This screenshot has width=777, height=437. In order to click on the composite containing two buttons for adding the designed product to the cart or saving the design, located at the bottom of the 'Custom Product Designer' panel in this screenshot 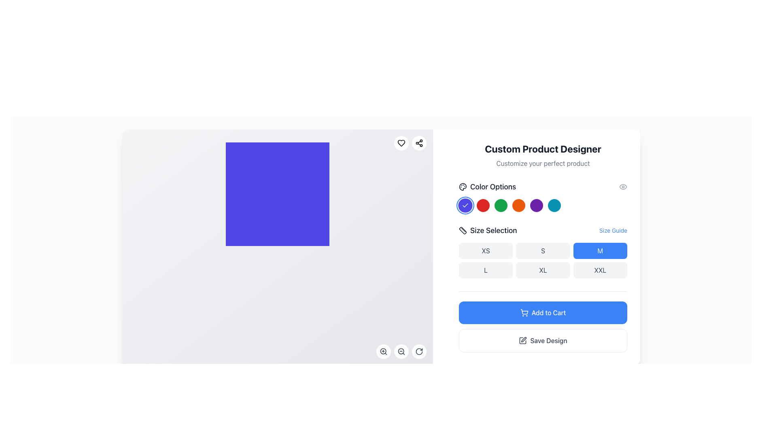, I will do `click(543, 321)`.